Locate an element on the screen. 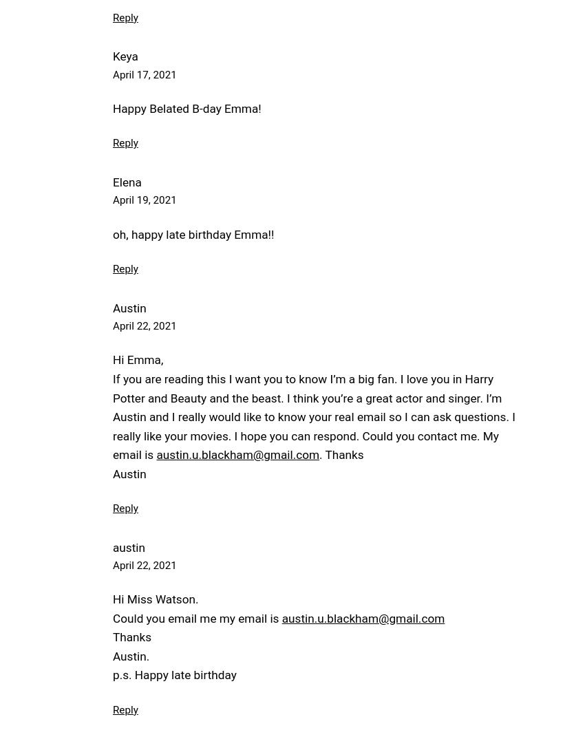 The height and width of the screenshot is (739, 585). '. Thanks' is located at coordinates (341, 454).